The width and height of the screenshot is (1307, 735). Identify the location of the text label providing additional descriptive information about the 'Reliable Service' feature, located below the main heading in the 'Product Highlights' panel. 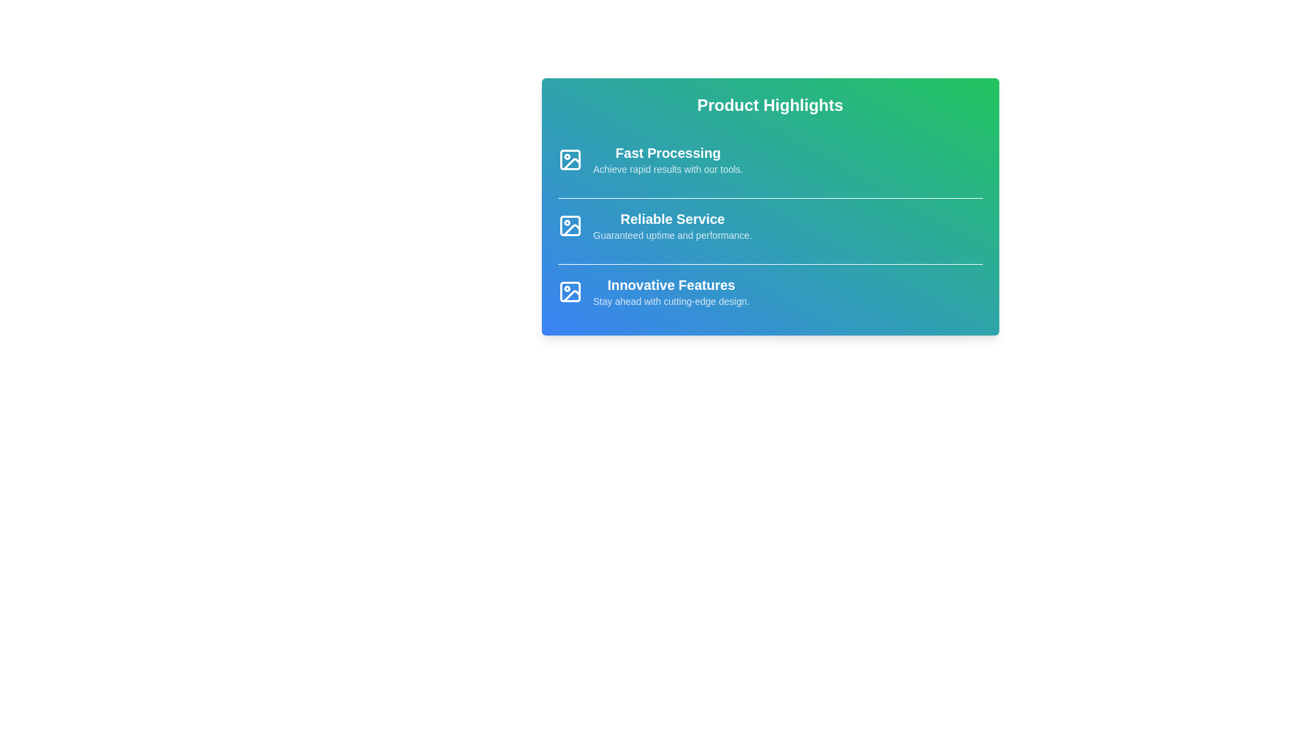
(673, 235).